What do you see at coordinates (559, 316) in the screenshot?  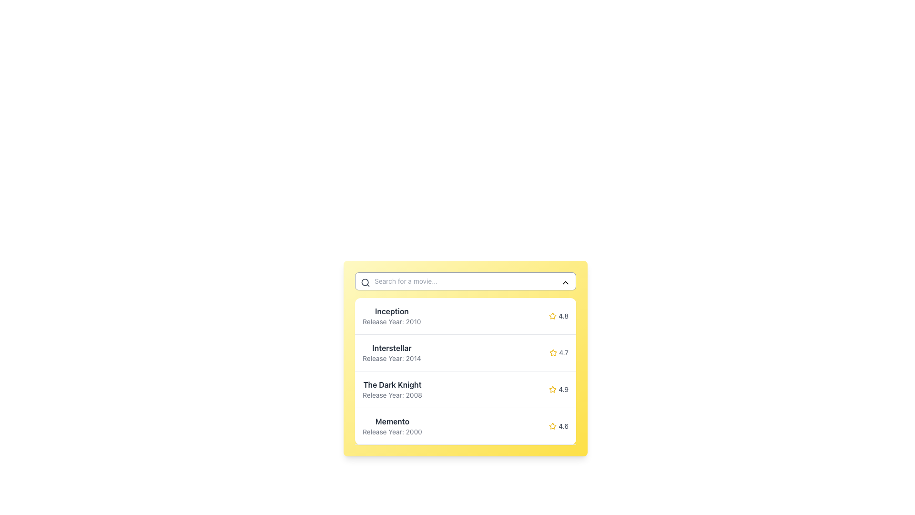 I see `the Rating Display element showing the rating value '4.8' and the yellow star icon` at bounding box center [559, 316].